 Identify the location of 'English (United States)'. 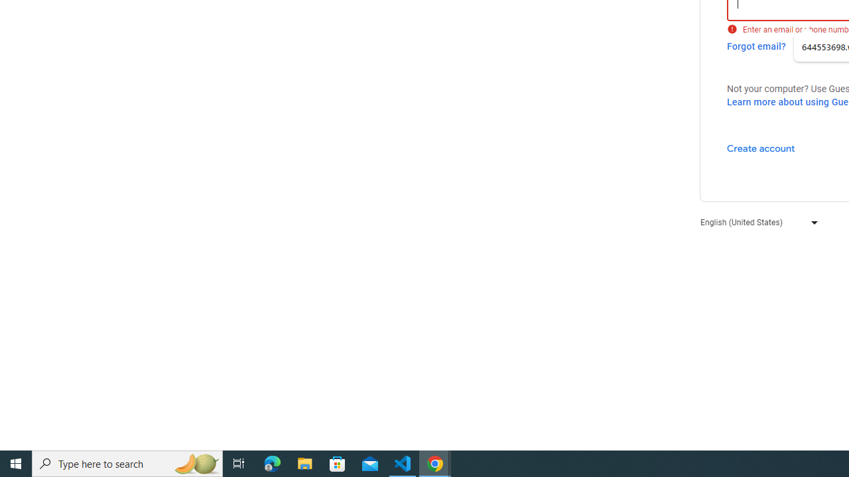
(755, 221).